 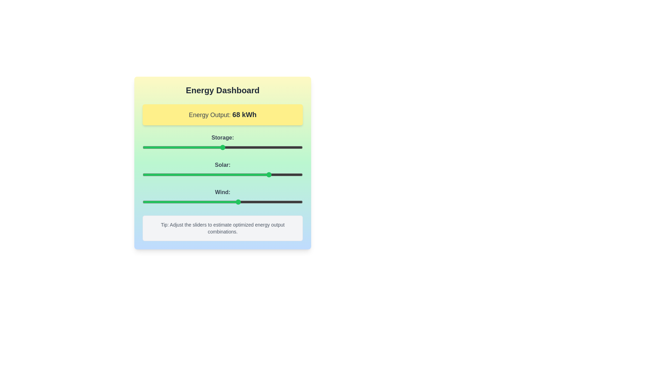 I want to click on the 'Storage' slider to 80, so click(x=270, y=147).